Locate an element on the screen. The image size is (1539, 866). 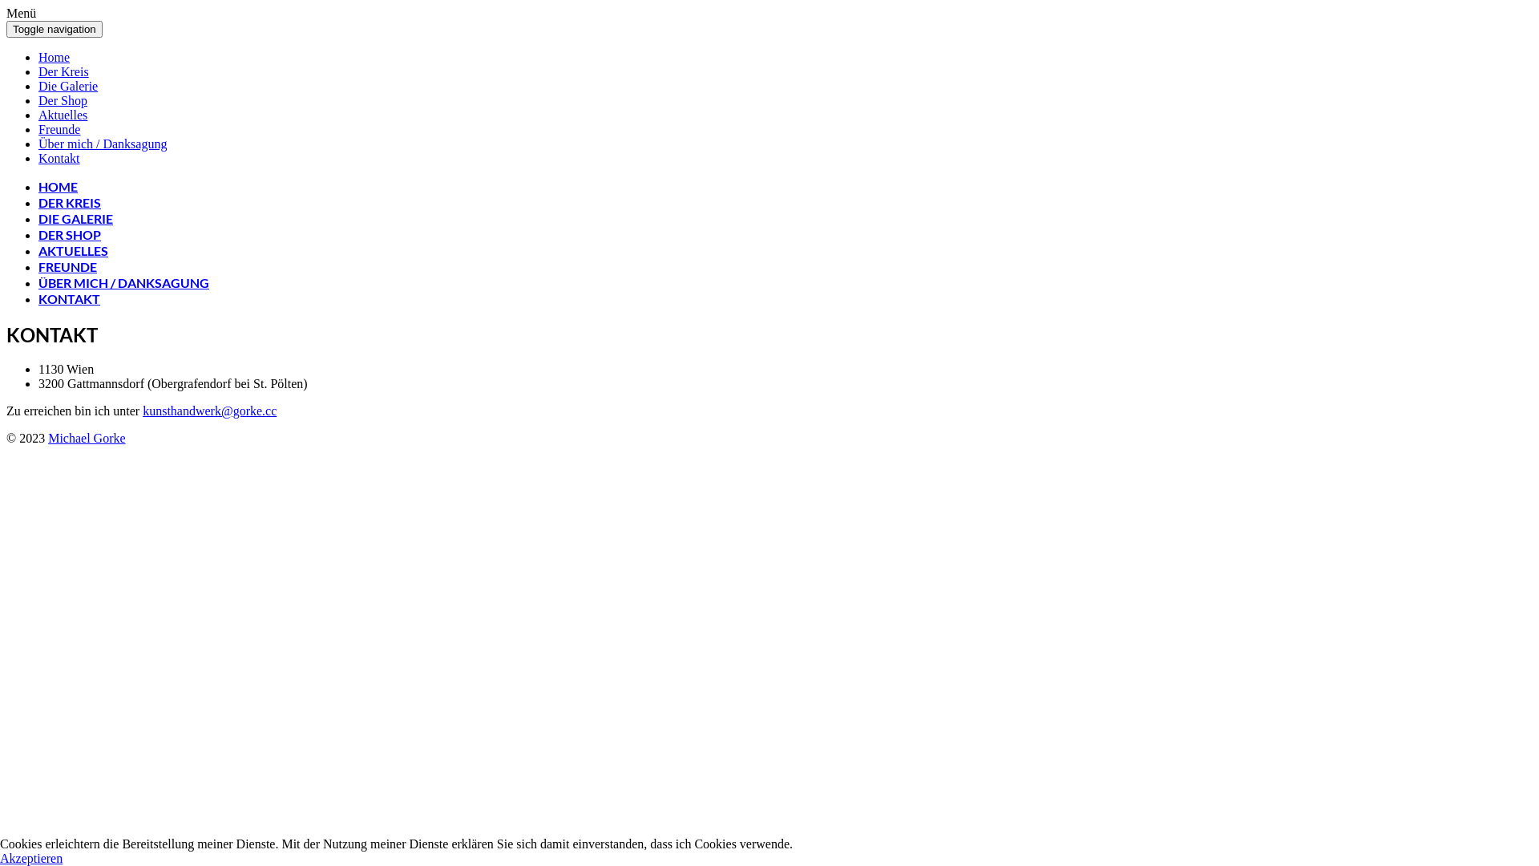
'HOME' is located at coordinates (58, 185).